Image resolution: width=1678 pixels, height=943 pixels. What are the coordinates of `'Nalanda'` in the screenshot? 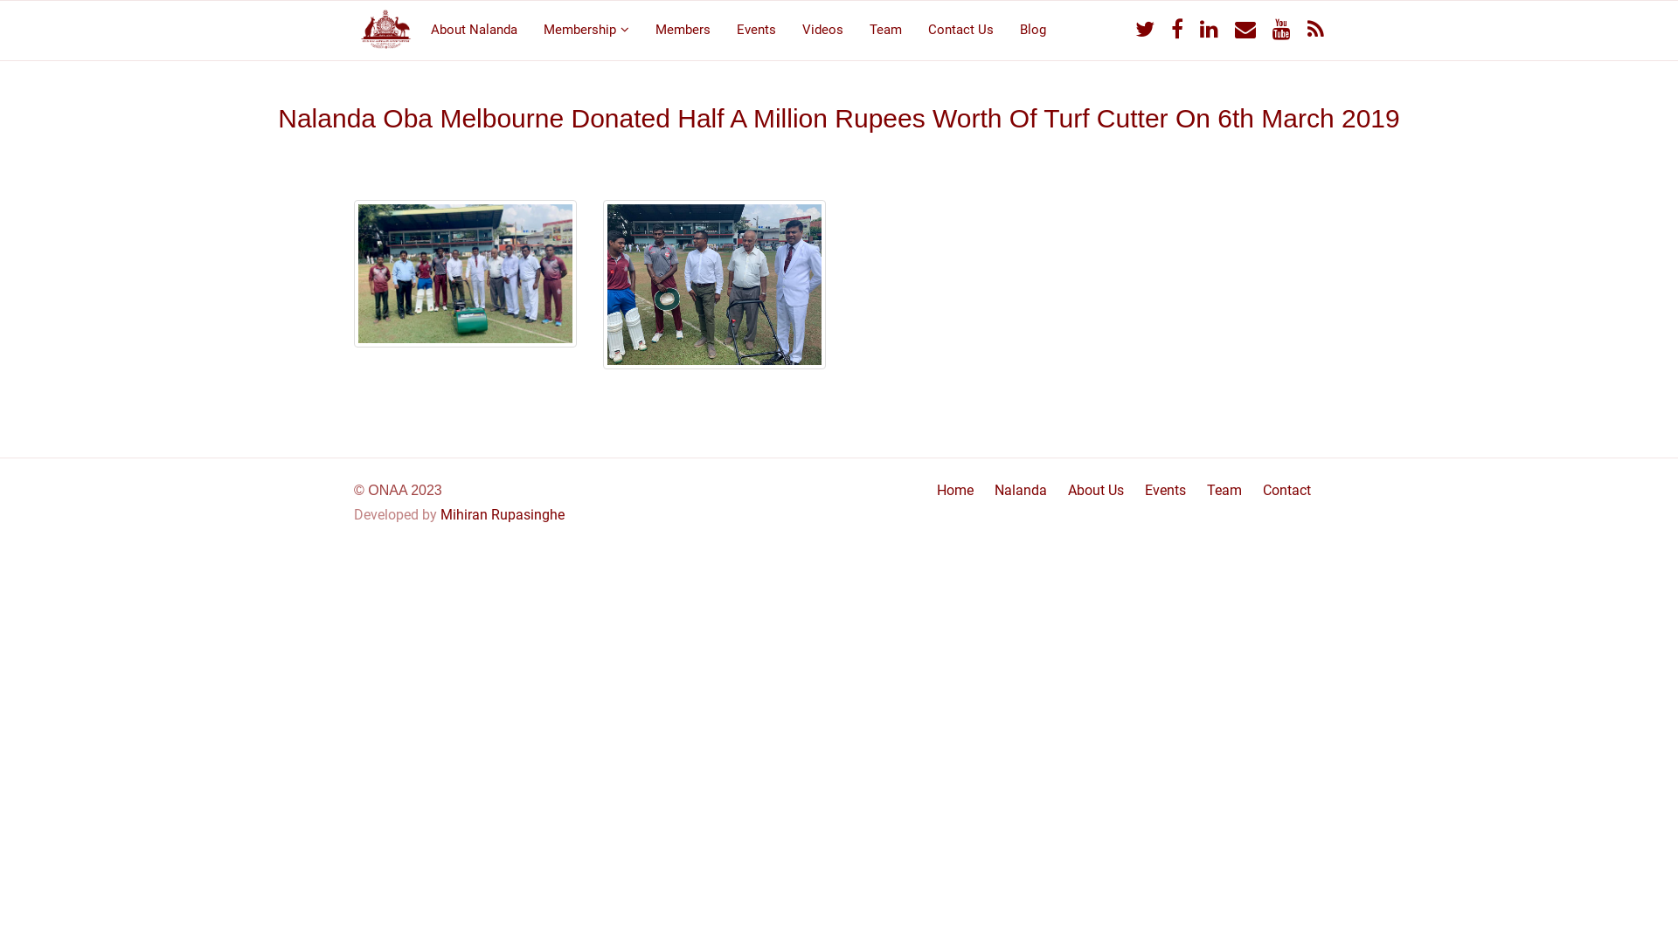 It's located at (1020, 490).